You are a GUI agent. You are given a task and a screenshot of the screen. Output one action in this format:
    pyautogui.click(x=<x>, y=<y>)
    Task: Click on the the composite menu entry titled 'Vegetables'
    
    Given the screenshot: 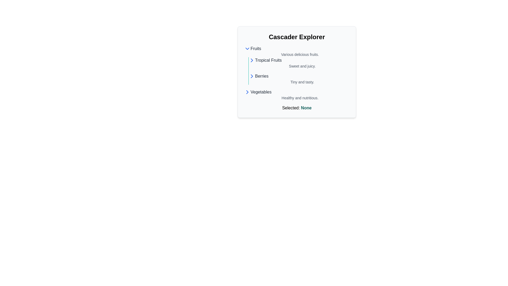 What is the action you would take?
    pyautogui.click(x=297, y=95)
    